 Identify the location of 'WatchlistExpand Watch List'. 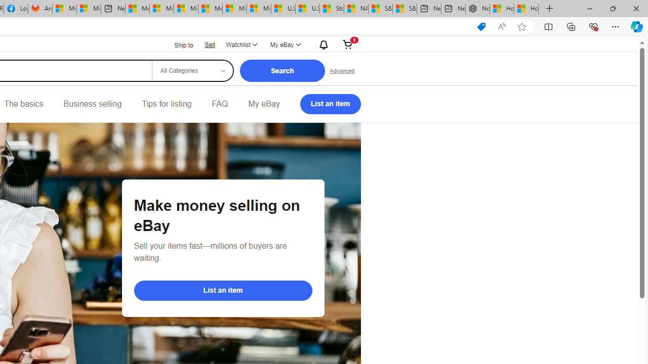
(240, 44).